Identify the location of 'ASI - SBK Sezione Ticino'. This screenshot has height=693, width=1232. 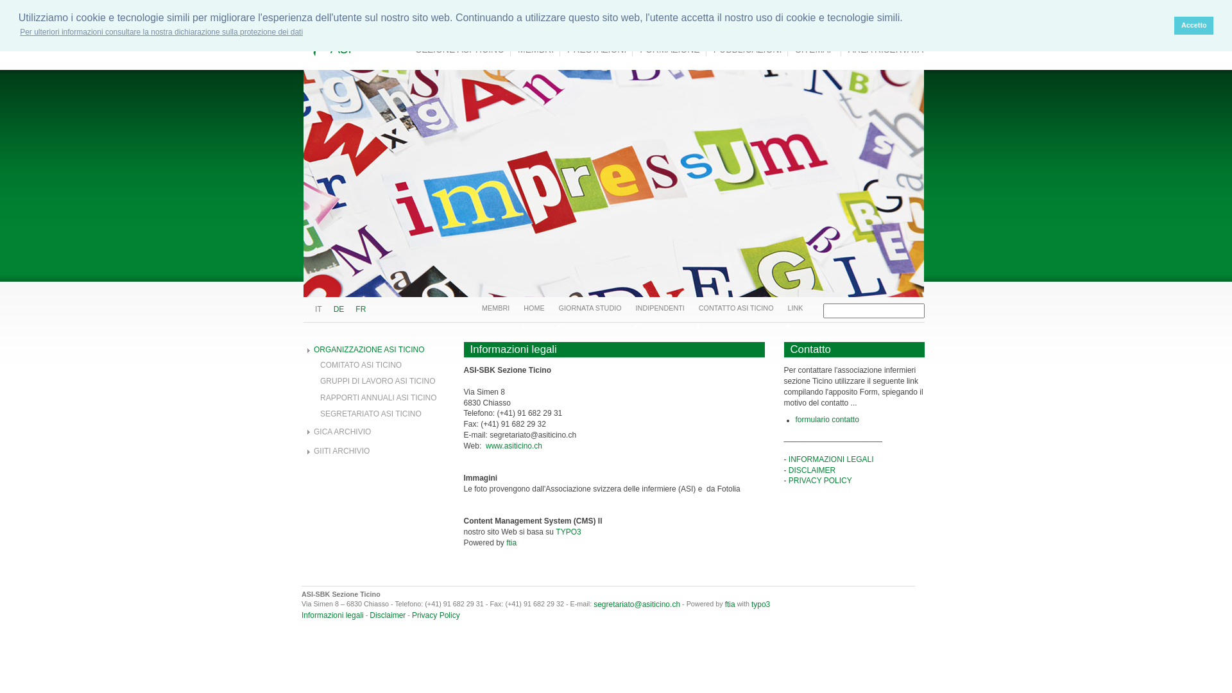
(419, 33).